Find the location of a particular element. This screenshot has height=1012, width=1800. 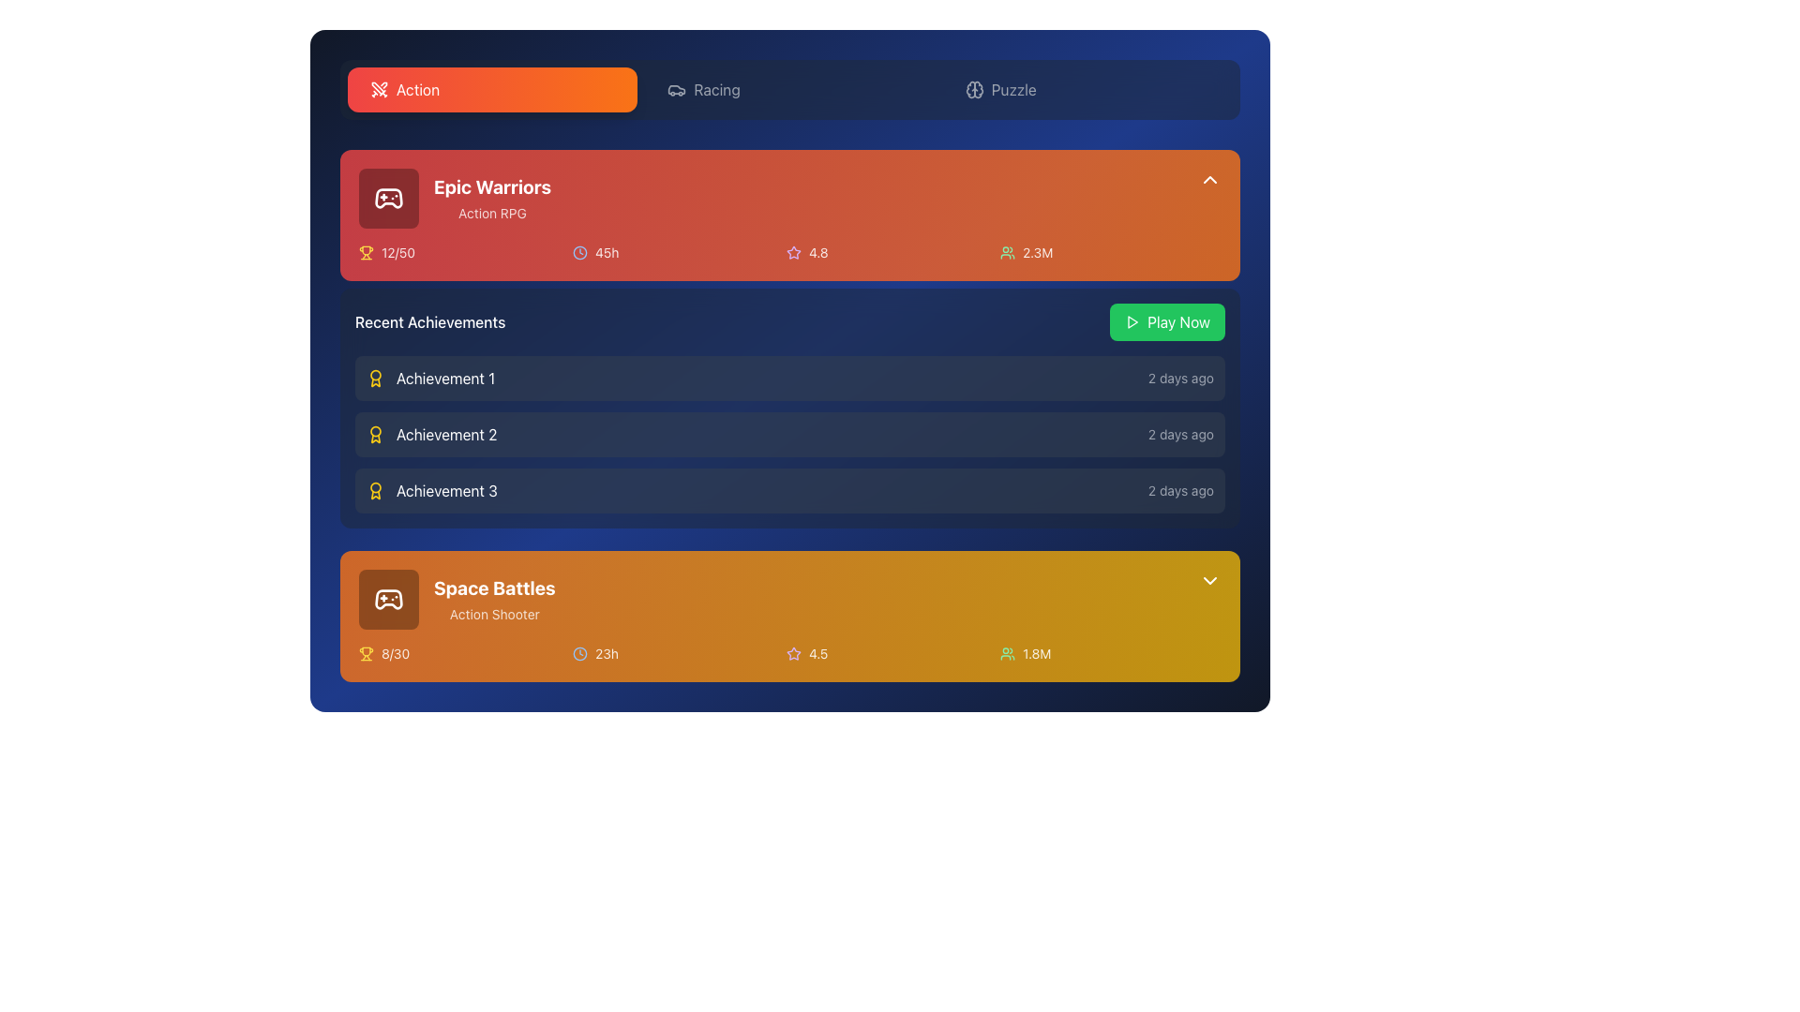

the star-shaped icon for ratings, which is styled with a thin outline and hollow center in a purple hue, located immediately to the left of the numeric rating '4.5' for the 'Space Battles' section is located at coordinates (793, 653).